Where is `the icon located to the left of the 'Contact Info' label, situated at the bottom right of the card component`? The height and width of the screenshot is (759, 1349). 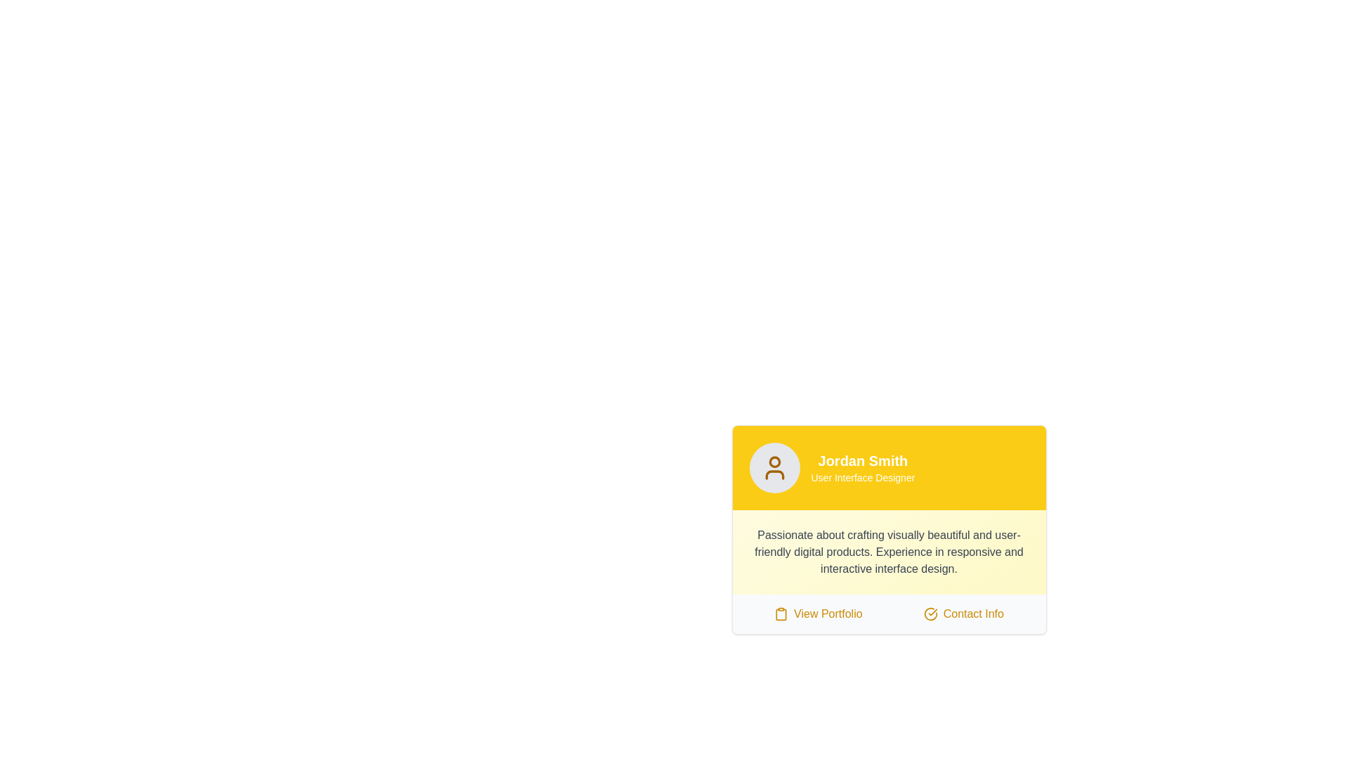 the icon located to the left of the 'Contact Info' label, situated at the bottom right of the card component is located at coordinates (930, 614).